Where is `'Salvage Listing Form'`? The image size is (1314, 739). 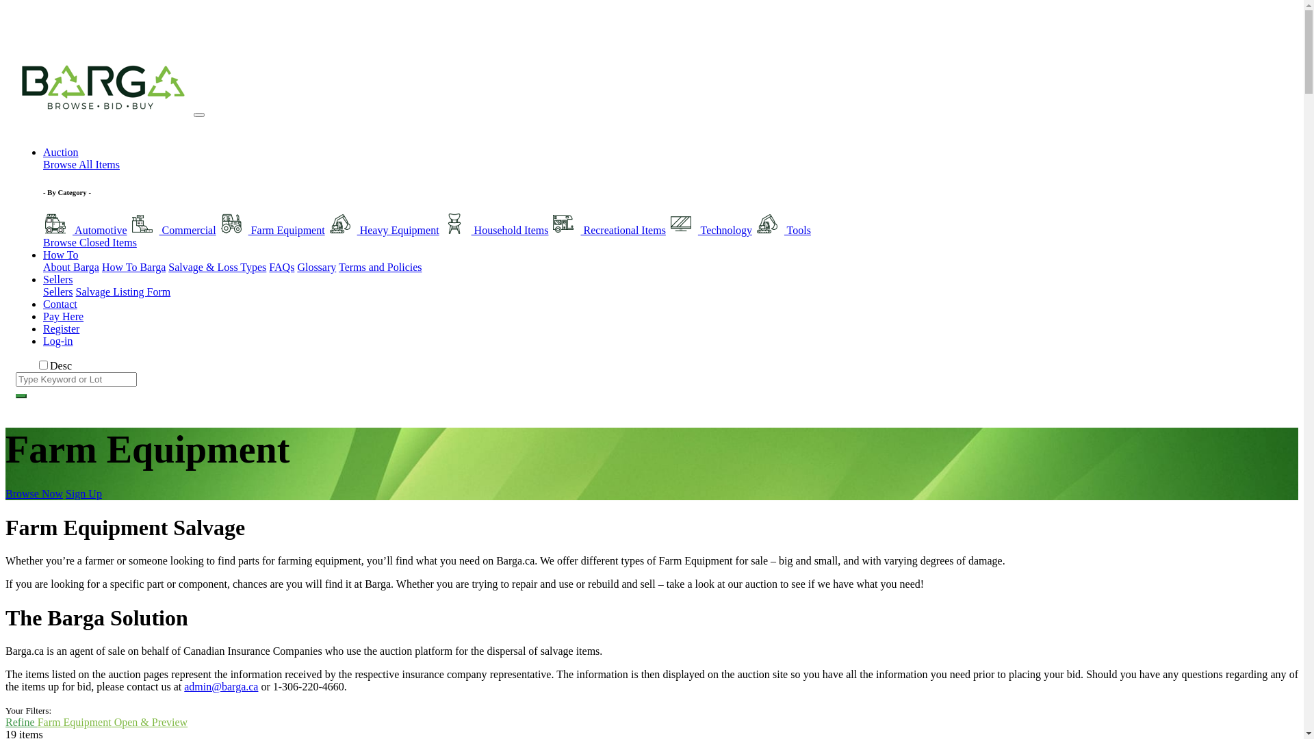
'Salvage Listing Form' is located at coordinates (123, 291).